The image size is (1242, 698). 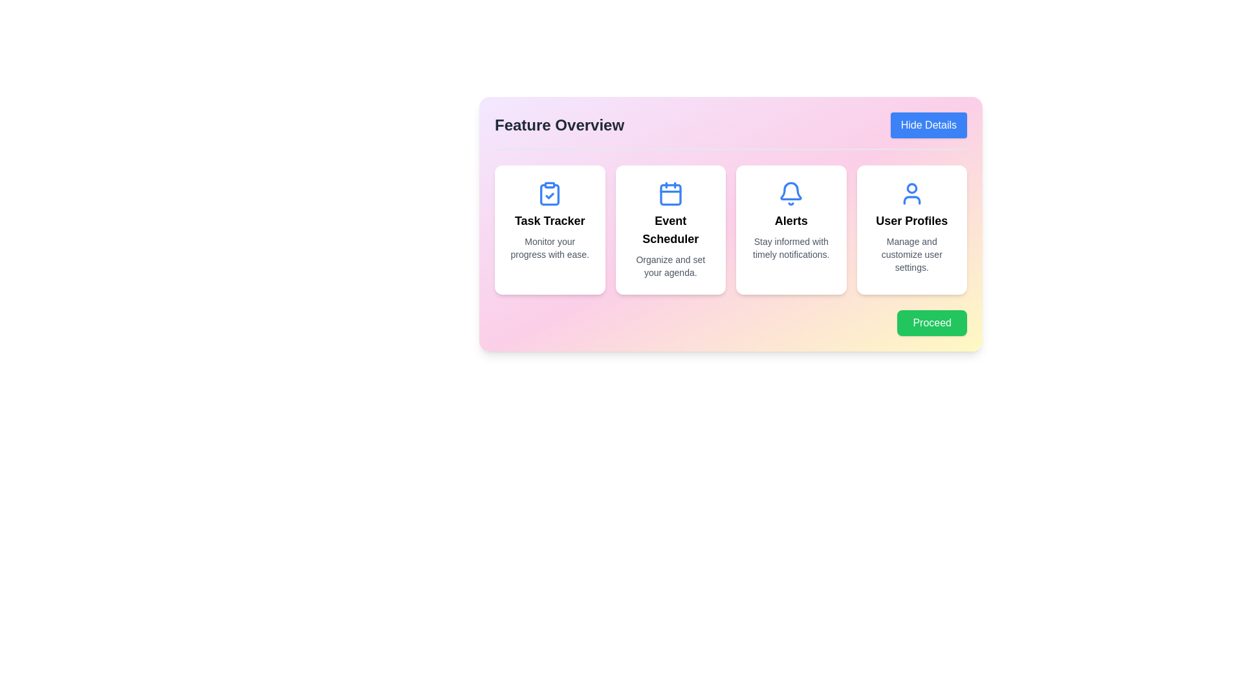 What do you see at coordinates (550, 194) in the screenshot?
I see `the clipboard icon with a blue check mark located at the top center of the 'Task Tracker' card` at bounding box center [550, 194].